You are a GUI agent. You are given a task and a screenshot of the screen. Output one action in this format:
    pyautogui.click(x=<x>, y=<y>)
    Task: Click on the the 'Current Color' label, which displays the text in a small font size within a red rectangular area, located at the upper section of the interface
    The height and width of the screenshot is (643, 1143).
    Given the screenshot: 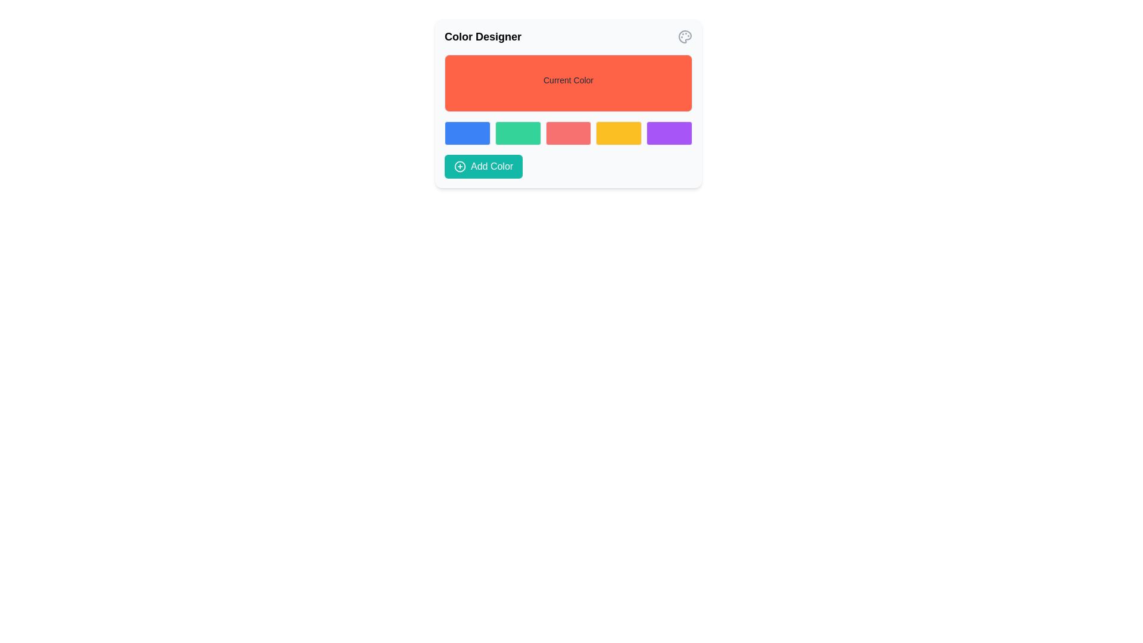 What is the action you would take?
    pyautogui.click(x=568, y=80)
    